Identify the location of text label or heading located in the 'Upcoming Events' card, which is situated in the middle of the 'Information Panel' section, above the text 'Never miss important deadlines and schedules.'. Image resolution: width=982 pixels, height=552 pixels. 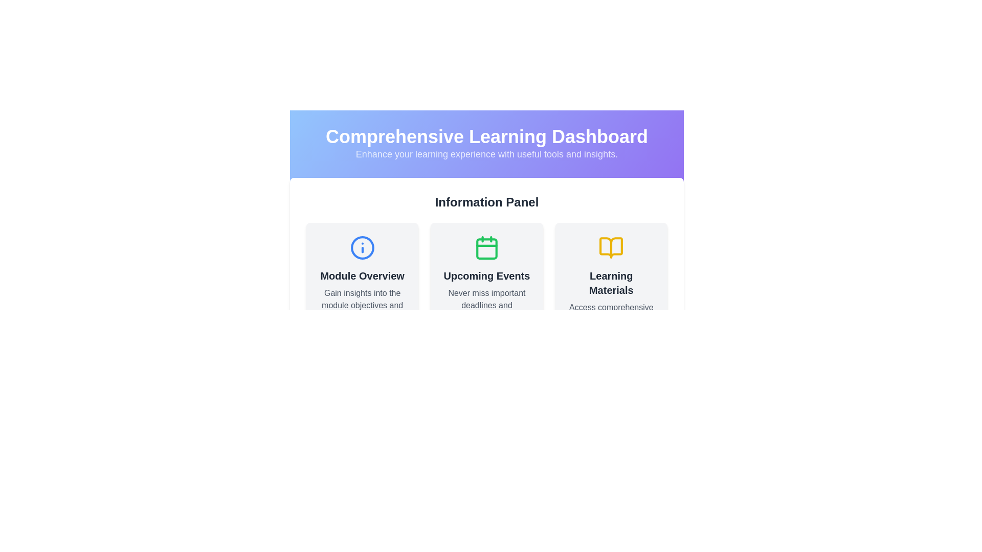
(486, 276).